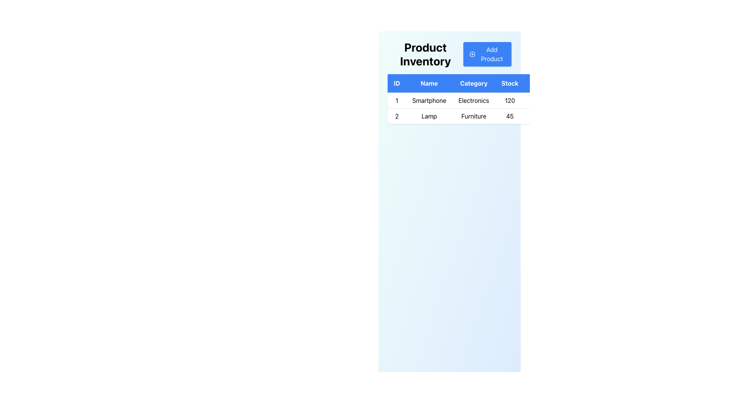 This screenshot has width=734, height=413. Describe the element at coordinates (473, 116) in the screenshot. I see `the Text Label that displays the category of the item in the third cell of the second row under the 'Category' column, specifically below 'Electronics' and to the right of 'Lamp'` at that location.